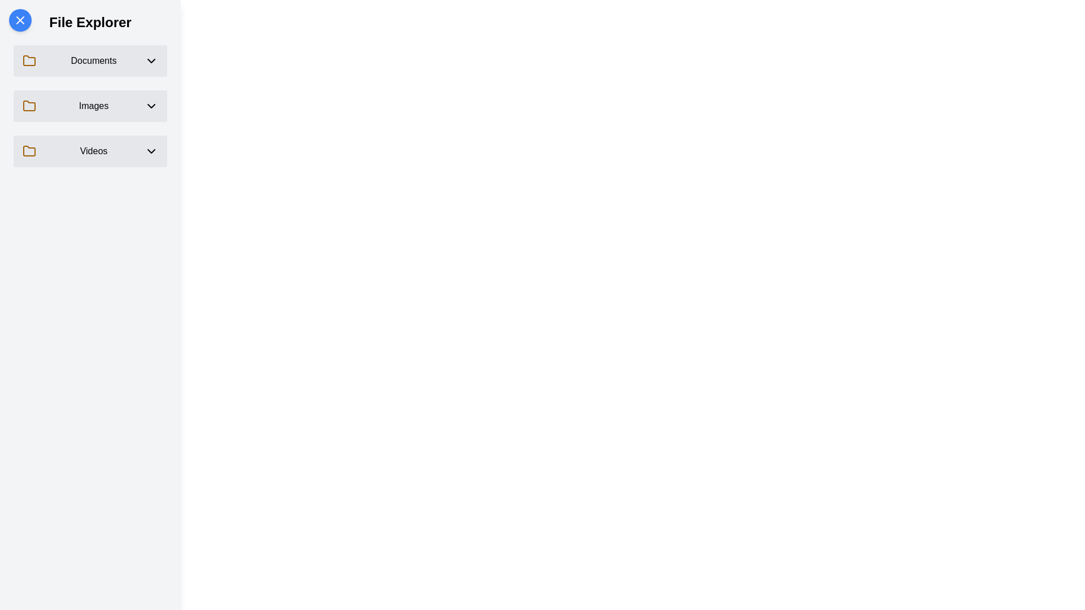 This screenshot has width=1085, height=610. I want to click on the Interactive Icon (Chevron Down), so click(151, 61).